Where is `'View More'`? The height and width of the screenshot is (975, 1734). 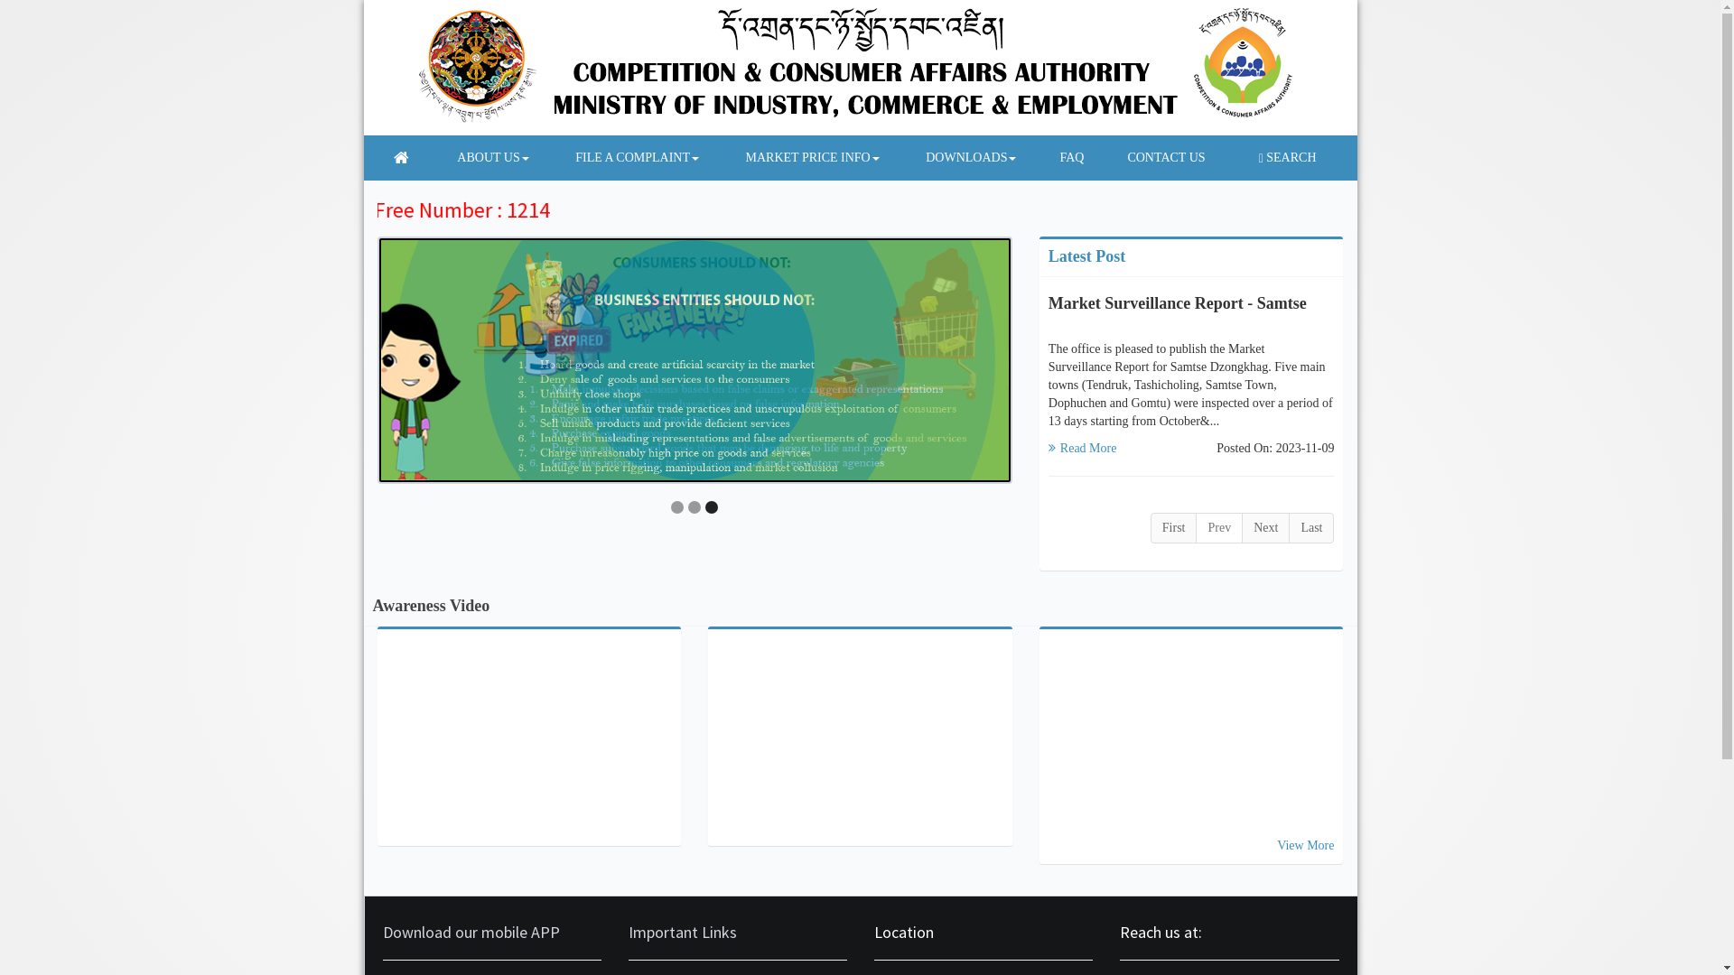 'View More' is located at coordinates (1305, 845).